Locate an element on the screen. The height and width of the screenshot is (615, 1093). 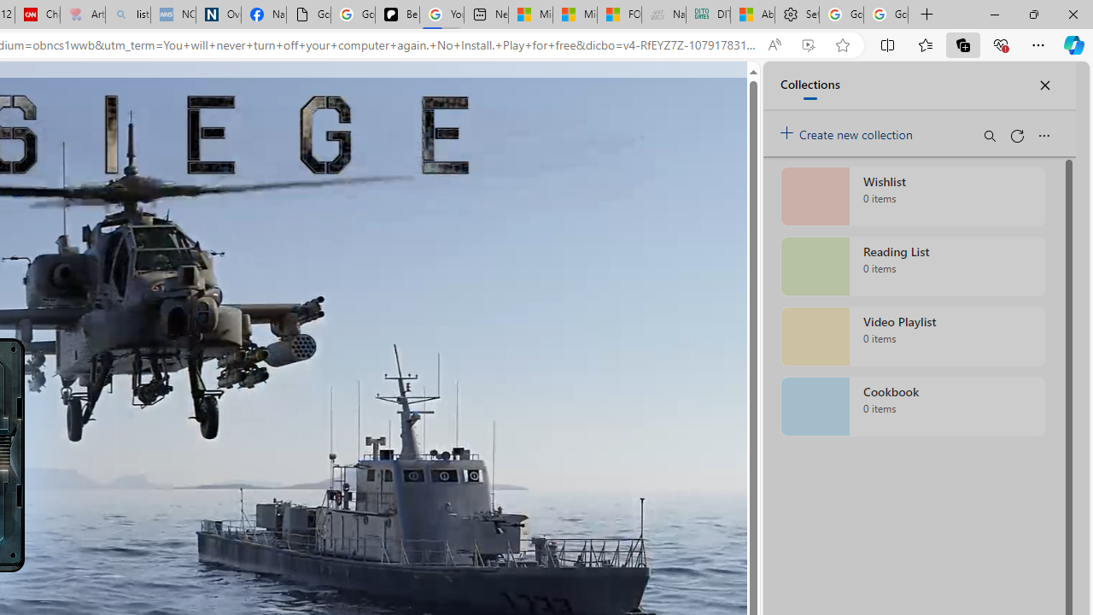
'Google Analytics Opt-out Browser Add-on Download Page' is located at coordinates (307, 15).